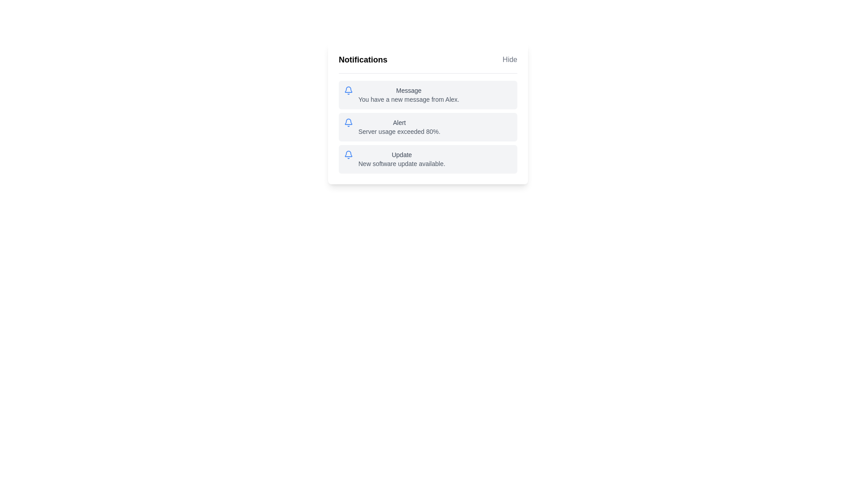  What do you see at coordinates (510, 60) in the screenshot?
I see `the text button located in the upper-center area of the interface` at bounding box center [510, 60].